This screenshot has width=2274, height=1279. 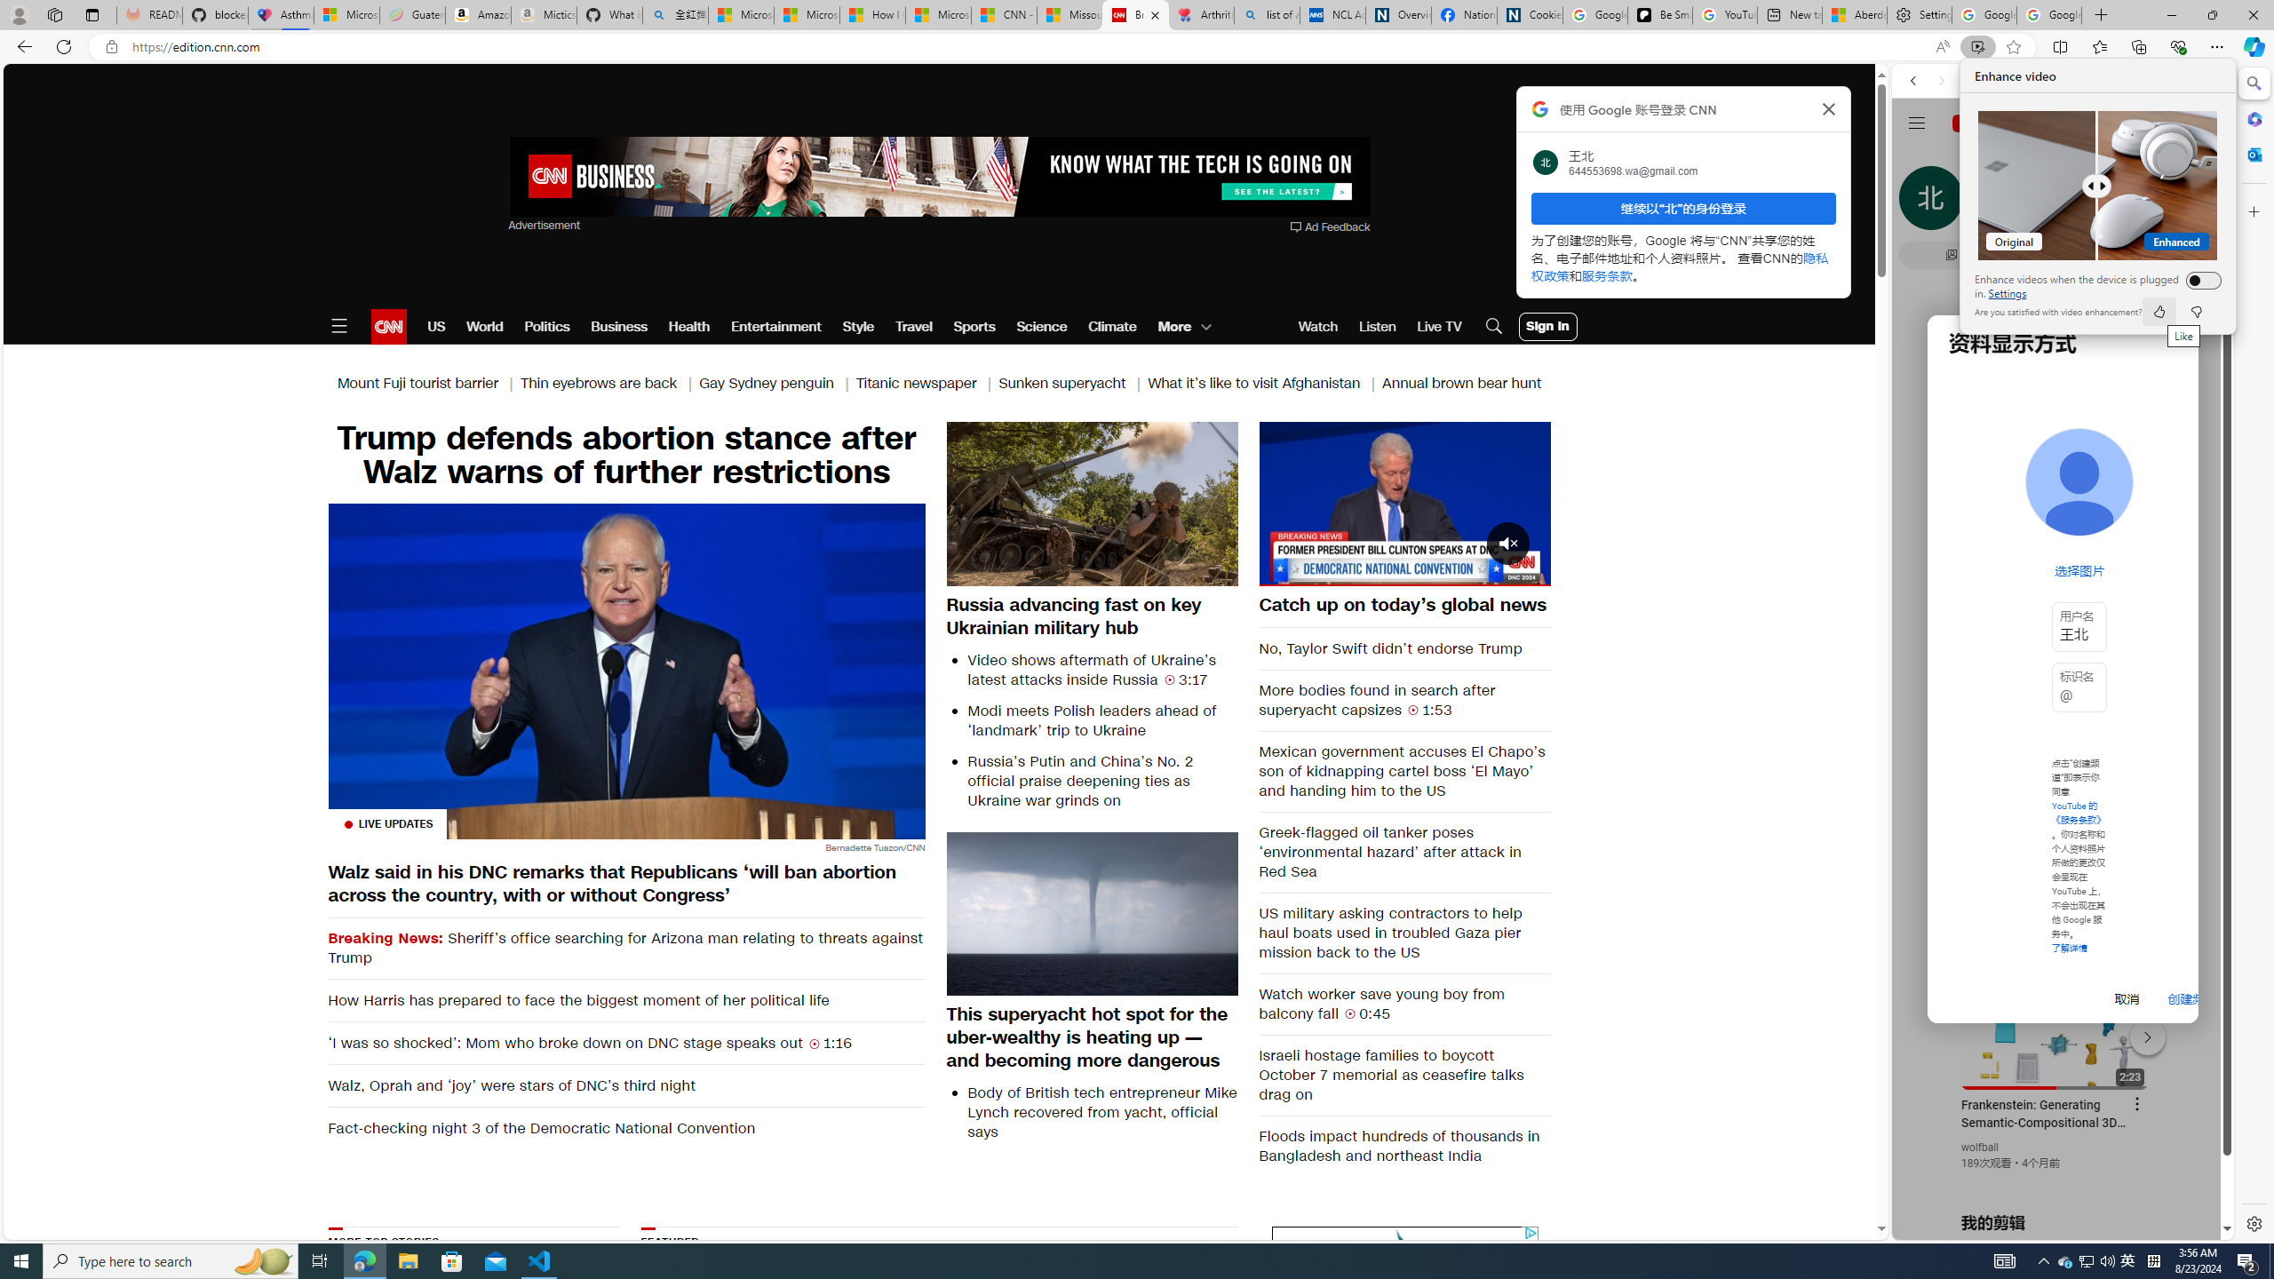 What do you see at coordinates (777, 384) in the screenshot?
I see `'Gay Sydney penguin |'` at bounding box center [777, 384].